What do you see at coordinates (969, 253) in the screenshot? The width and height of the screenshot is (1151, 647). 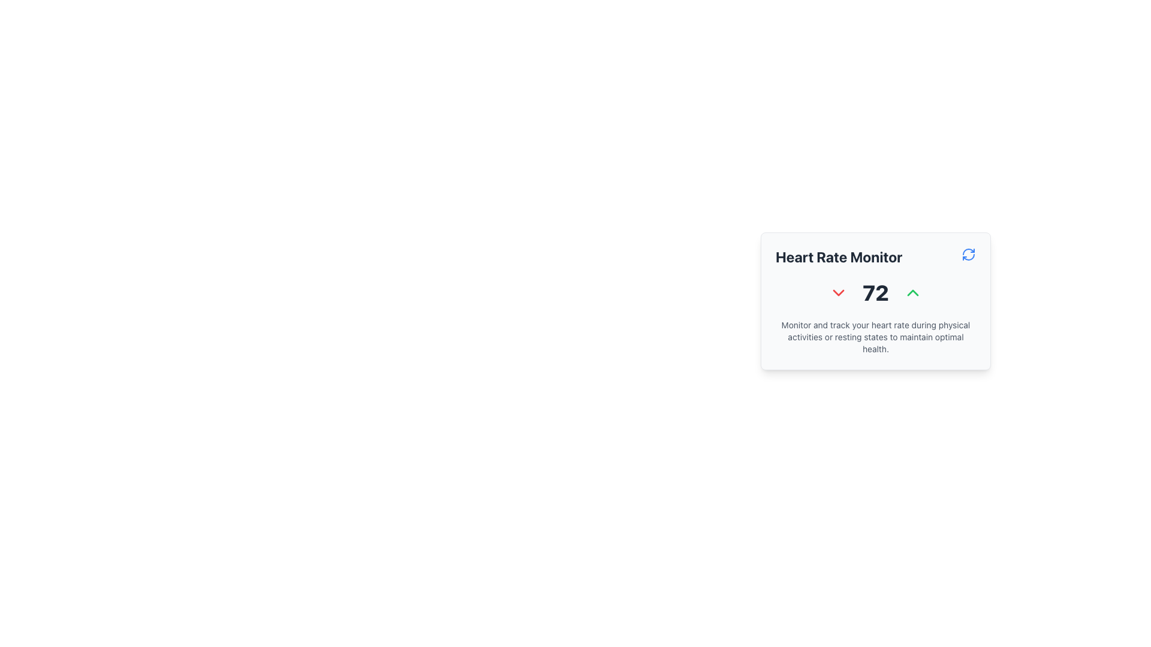 I see `the Interactive SVG Icon located in the top-right corner of the 'Heart Rate Monitor' section to refresh or reload heart rate data` at bounding box center [969, 253].